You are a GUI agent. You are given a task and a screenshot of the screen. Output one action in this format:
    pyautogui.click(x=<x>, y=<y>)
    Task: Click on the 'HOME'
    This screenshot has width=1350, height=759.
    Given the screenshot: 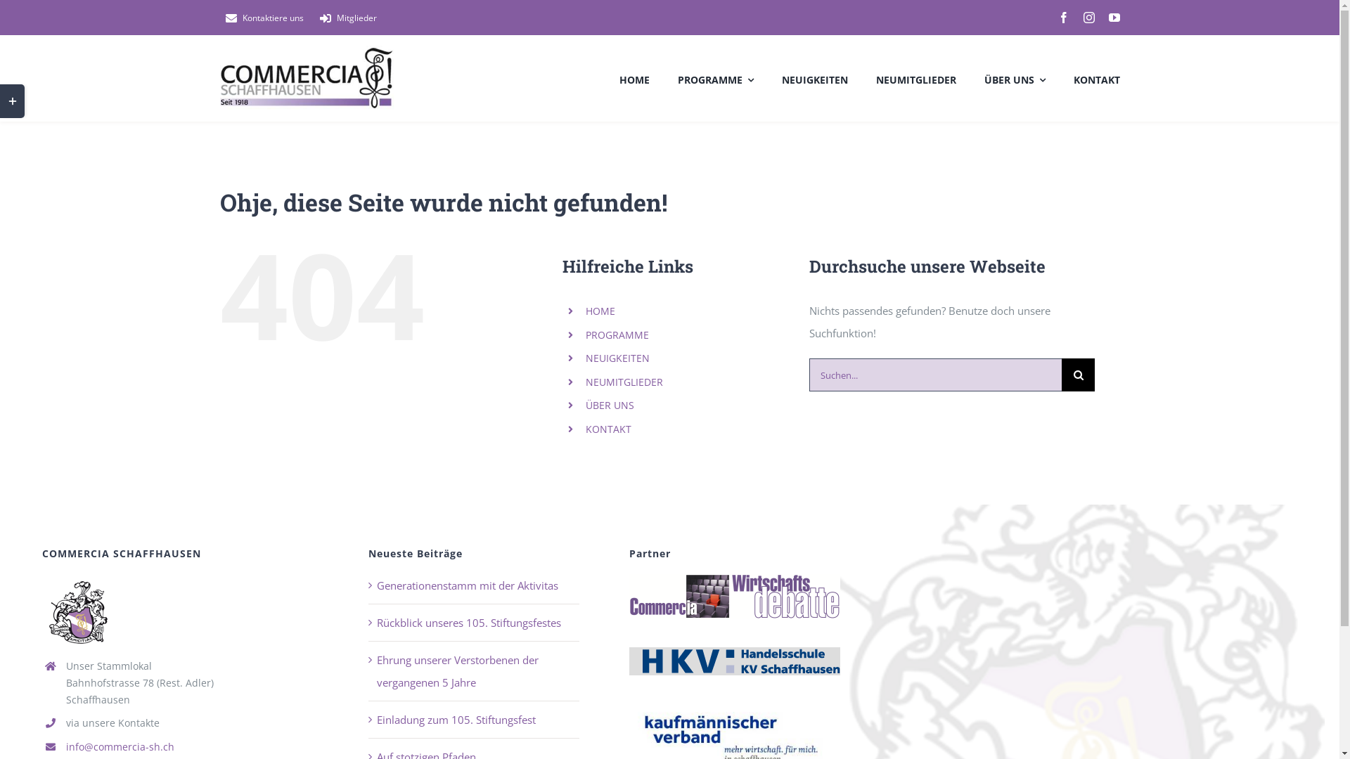 What is the action you would take?
    pyautogui.click(x=618, y=78)
    